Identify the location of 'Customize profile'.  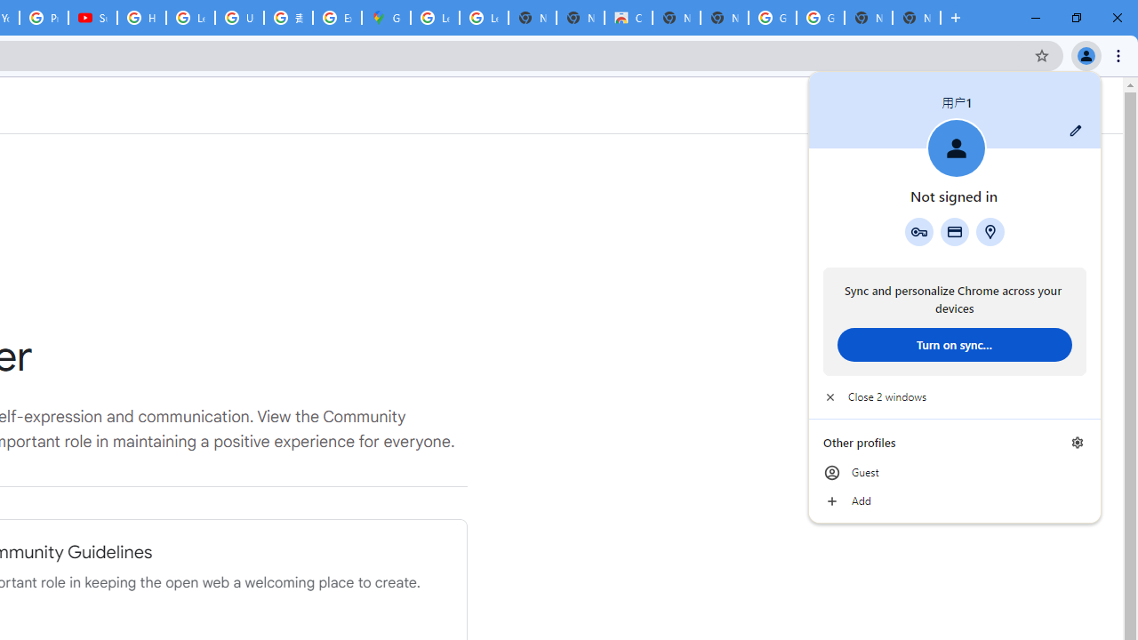
(1075, 130).